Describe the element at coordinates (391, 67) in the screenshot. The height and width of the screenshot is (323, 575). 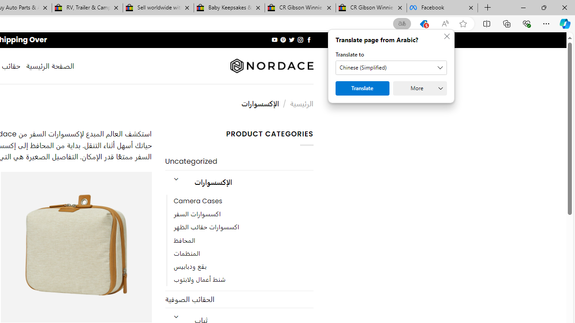
I see `'Translate to'` at that location.